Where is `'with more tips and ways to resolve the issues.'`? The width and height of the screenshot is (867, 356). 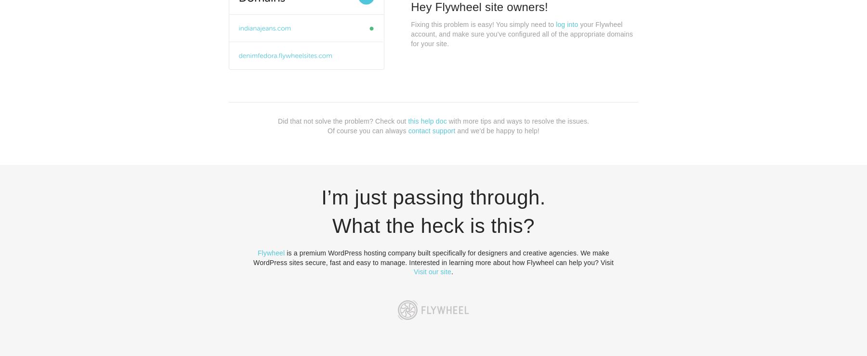
'with more tips and ways to resolve the issues.' is located at coordinates (517, 120).